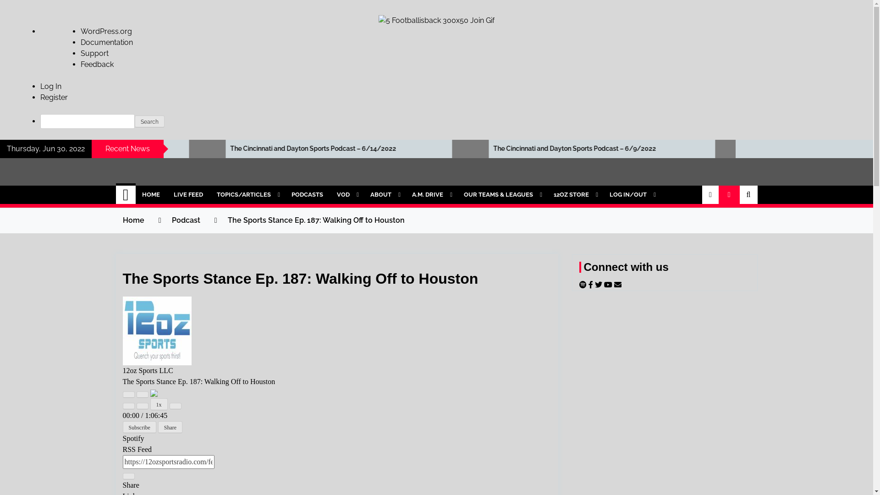  Describe the element at coordinates (346, 194) in the screenshot. I see `'VOD'` at that location.